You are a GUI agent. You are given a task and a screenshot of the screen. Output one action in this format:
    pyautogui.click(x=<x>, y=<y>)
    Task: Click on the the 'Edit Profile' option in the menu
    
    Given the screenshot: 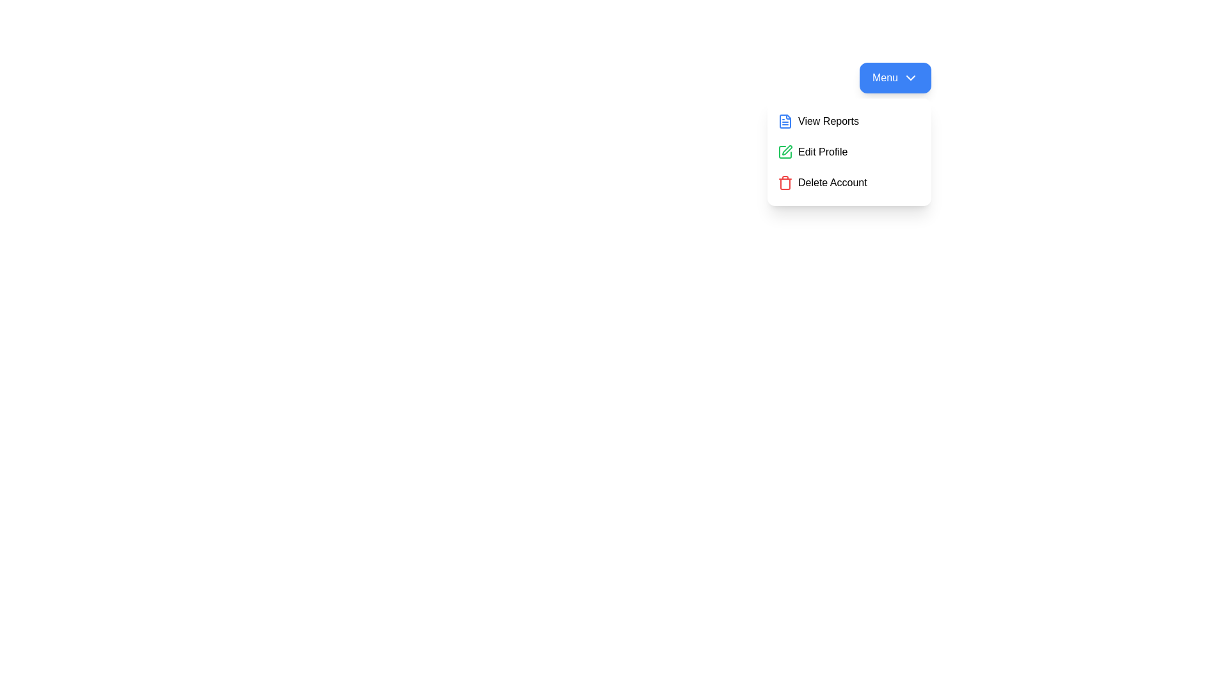 What is the action you would take?
    pyautogui.click(x=849, y=152)
    